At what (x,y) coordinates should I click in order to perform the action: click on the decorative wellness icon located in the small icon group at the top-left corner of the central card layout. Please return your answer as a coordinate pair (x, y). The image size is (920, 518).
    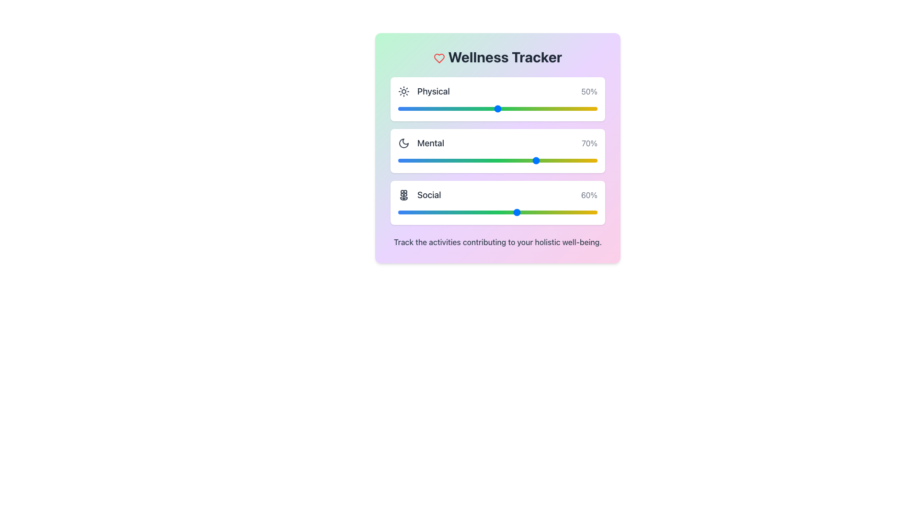
    Looking at the image, I should click on (404, 193).